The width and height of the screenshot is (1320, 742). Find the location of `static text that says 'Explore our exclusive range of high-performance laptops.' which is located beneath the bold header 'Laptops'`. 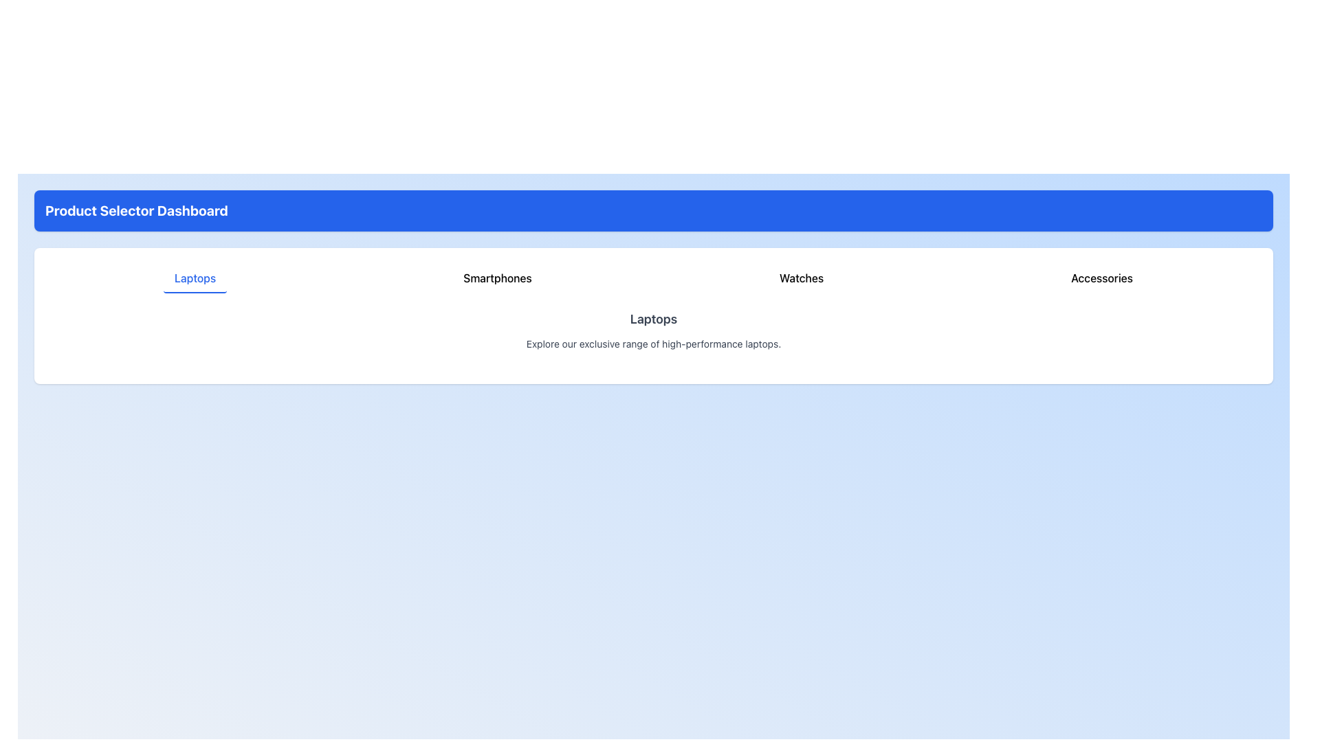

static text that says 'Explore our exclusive range of high-performance laptops.' which is located beneath the bold header 'Laptops' is located at coordinates (652, 344).